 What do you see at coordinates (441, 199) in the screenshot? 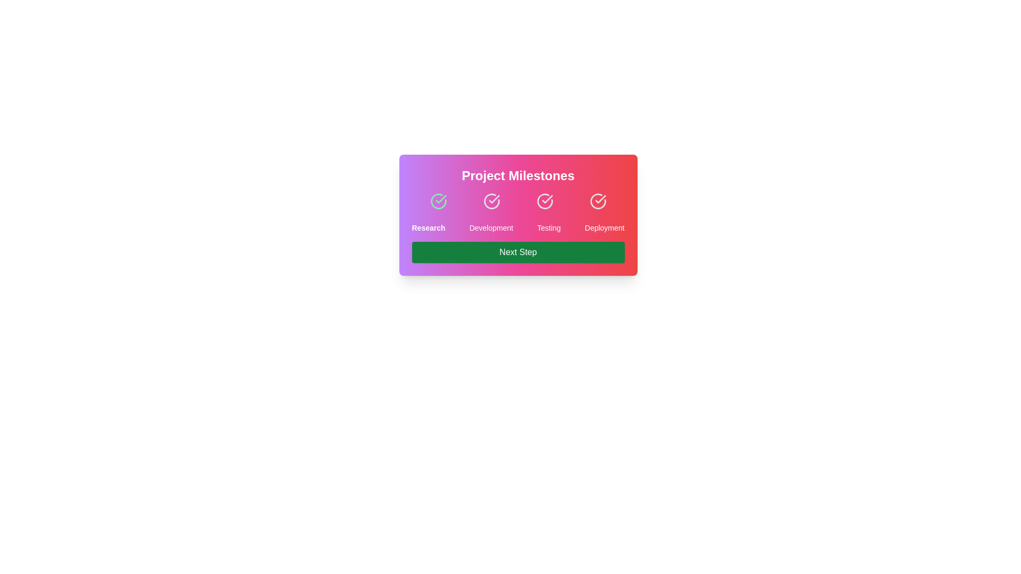
I see `the leftmost checkmark icon within the circular boundary, which is styled with a thin line and green color, signaling a completed status, located directly above the text 'Research' in the 'Project Milestones' card` at bounding box center [441, 199].